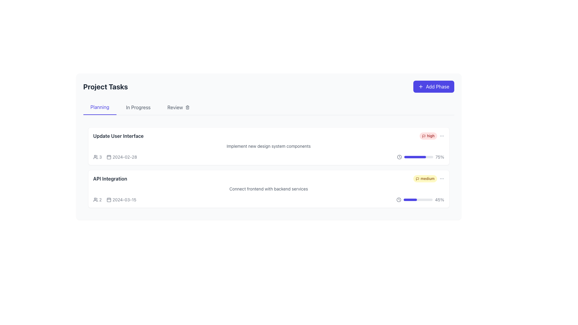  I want to click on the static text label displaying the scheduled date in the 'API Integration' task row in the 'Project Tasks' interface, so click(124, 200).